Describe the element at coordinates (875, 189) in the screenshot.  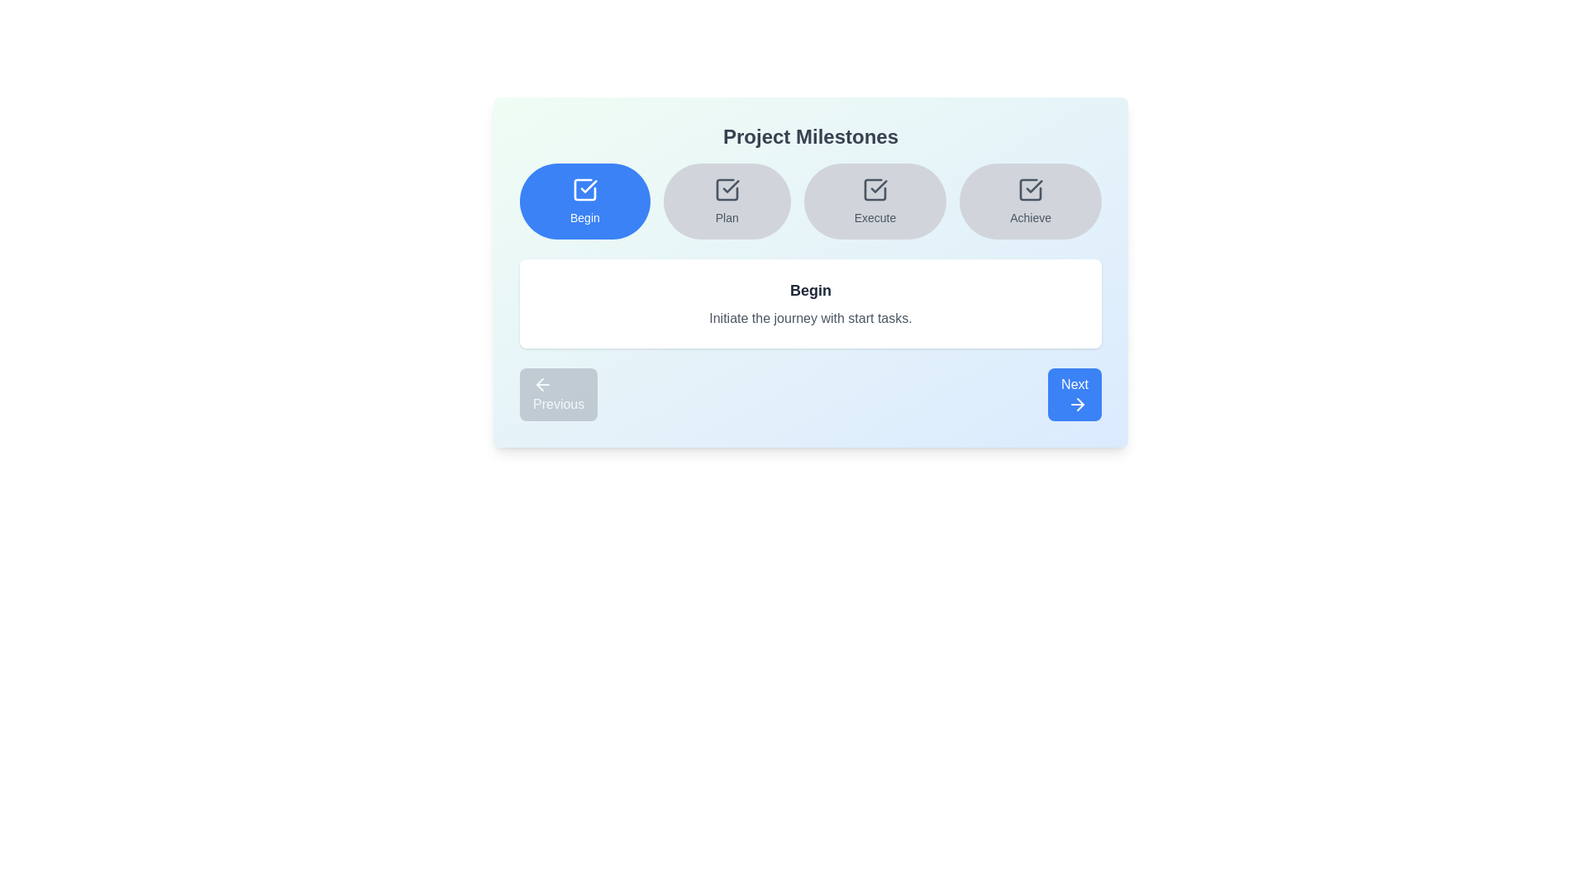
I see `the gray tick box icon located within the oval 'Execute' button, which is the third button in a sequence of four milestone buttons at the top center of the interface` at that location.